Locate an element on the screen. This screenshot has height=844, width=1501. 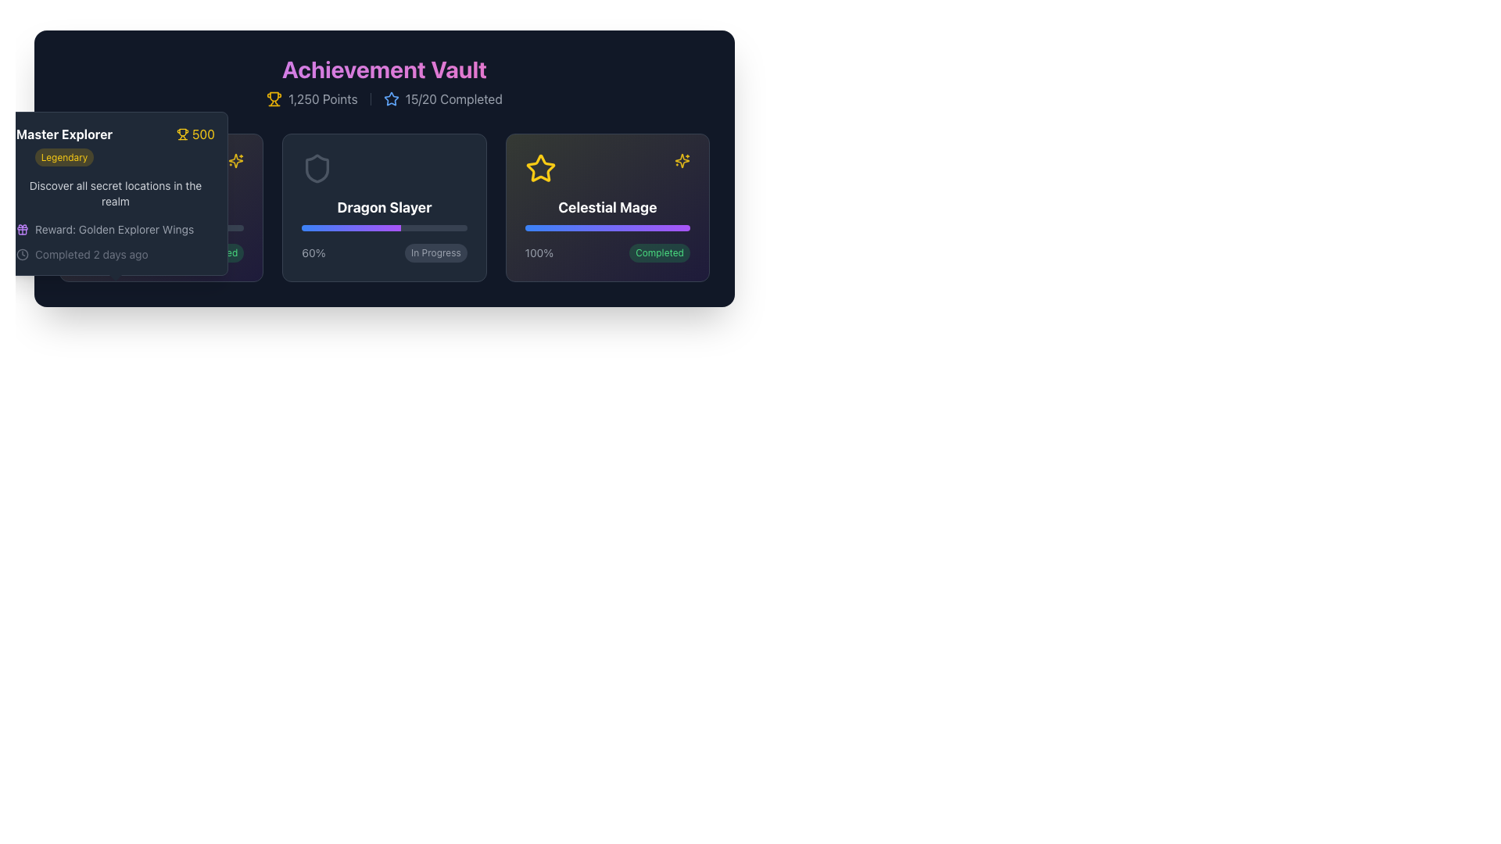
the Text Block displaying 'Discover all secret locations in the realm', which is positioned under 'Master Explorer' and above 'Reward: Golden Explorer Wings' in a dark-themed card is located at coordinates (115, 192).